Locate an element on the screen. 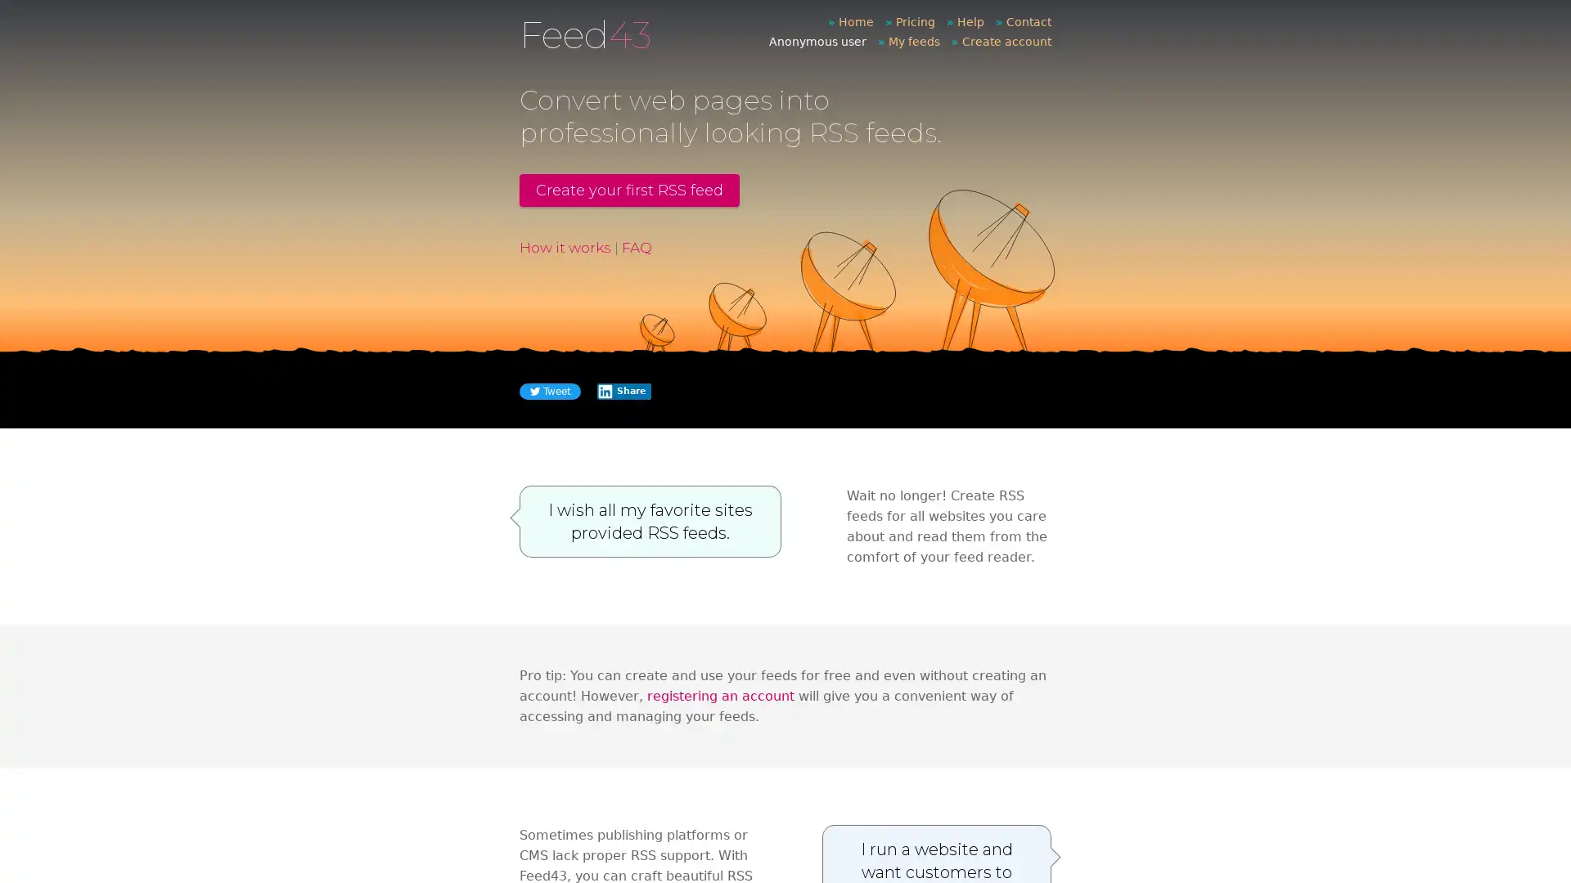  Share is located at coordinates (623, 391).